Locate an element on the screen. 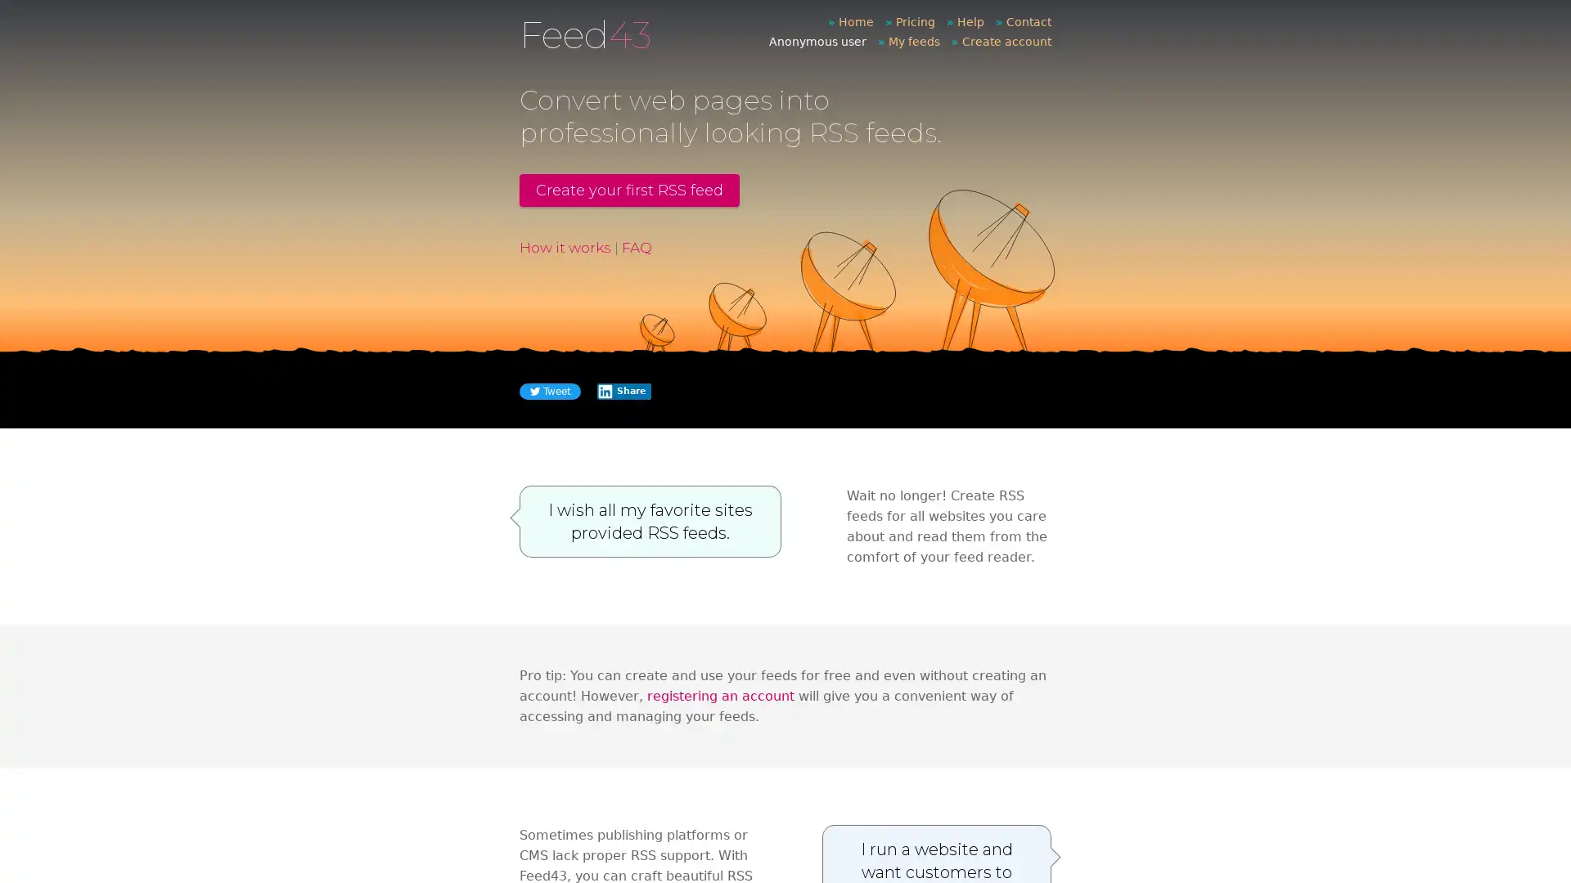  Share is located at coordinates (623, 391).